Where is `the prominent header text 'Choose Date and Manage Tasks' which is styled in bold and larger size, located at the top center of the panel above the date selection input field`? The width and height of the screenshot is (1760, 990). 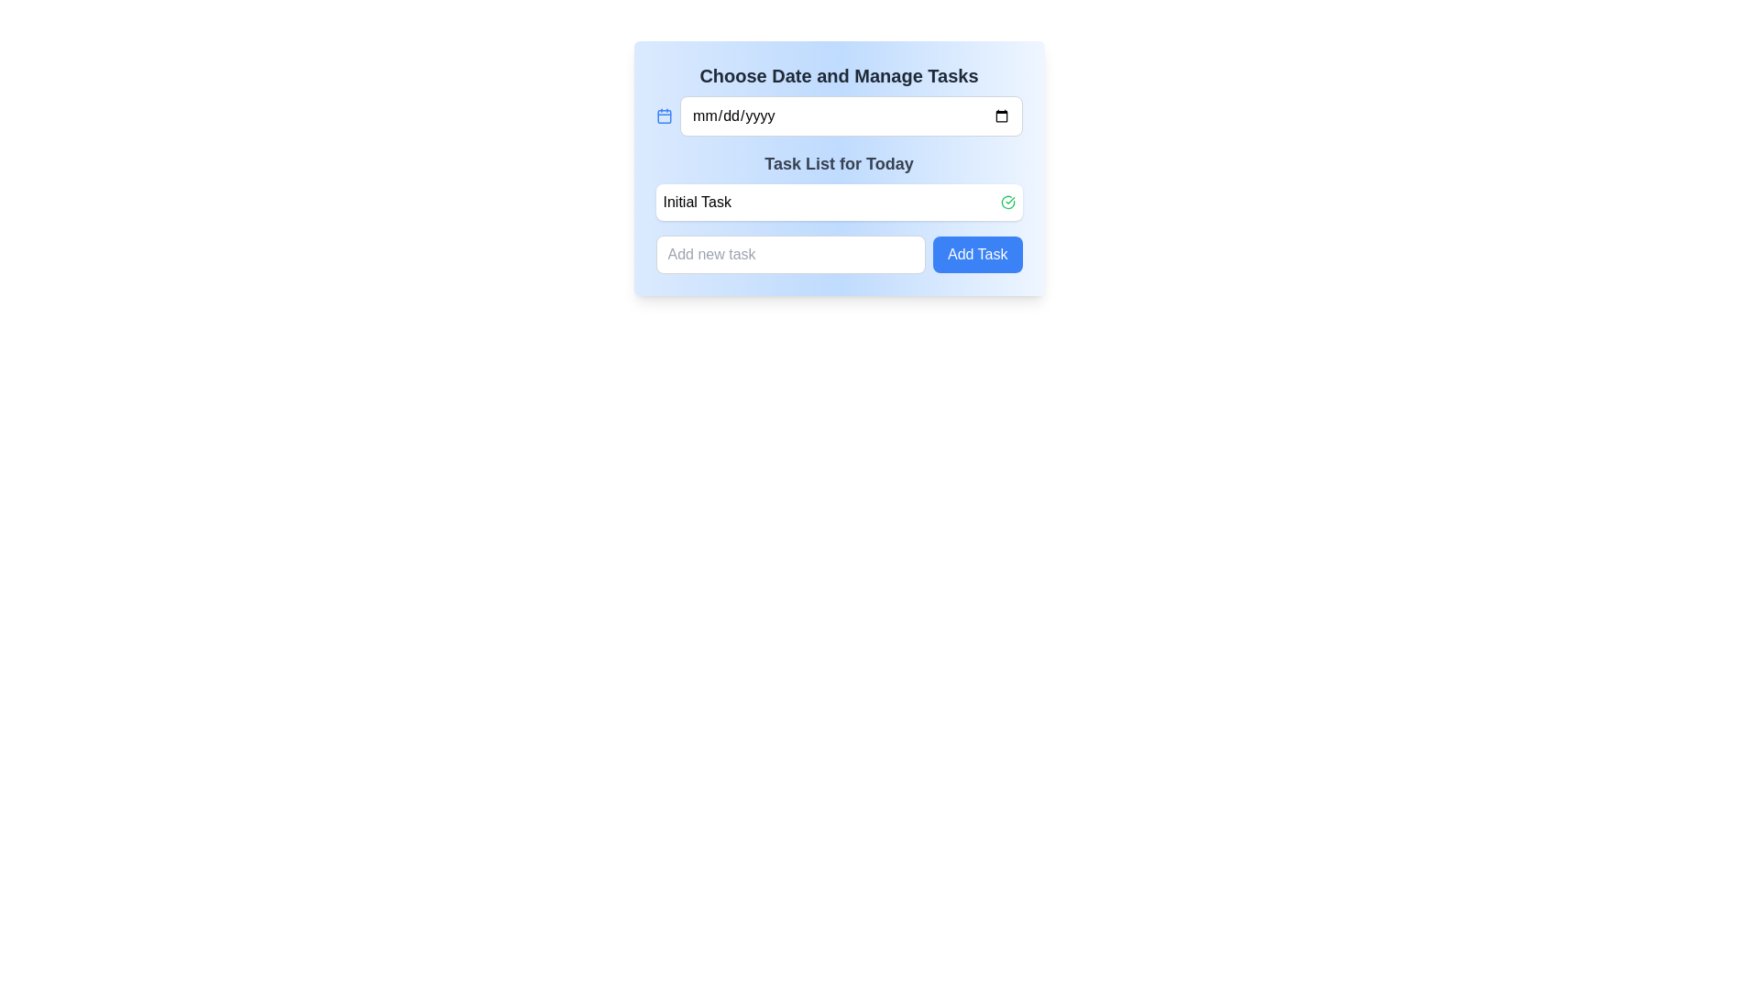
the prominent header text 'Choose Date and Manage Tasks' which is styled in bold and larger size, located at the top center of the panel above the date selection input field is located at coordinates (838, 75).